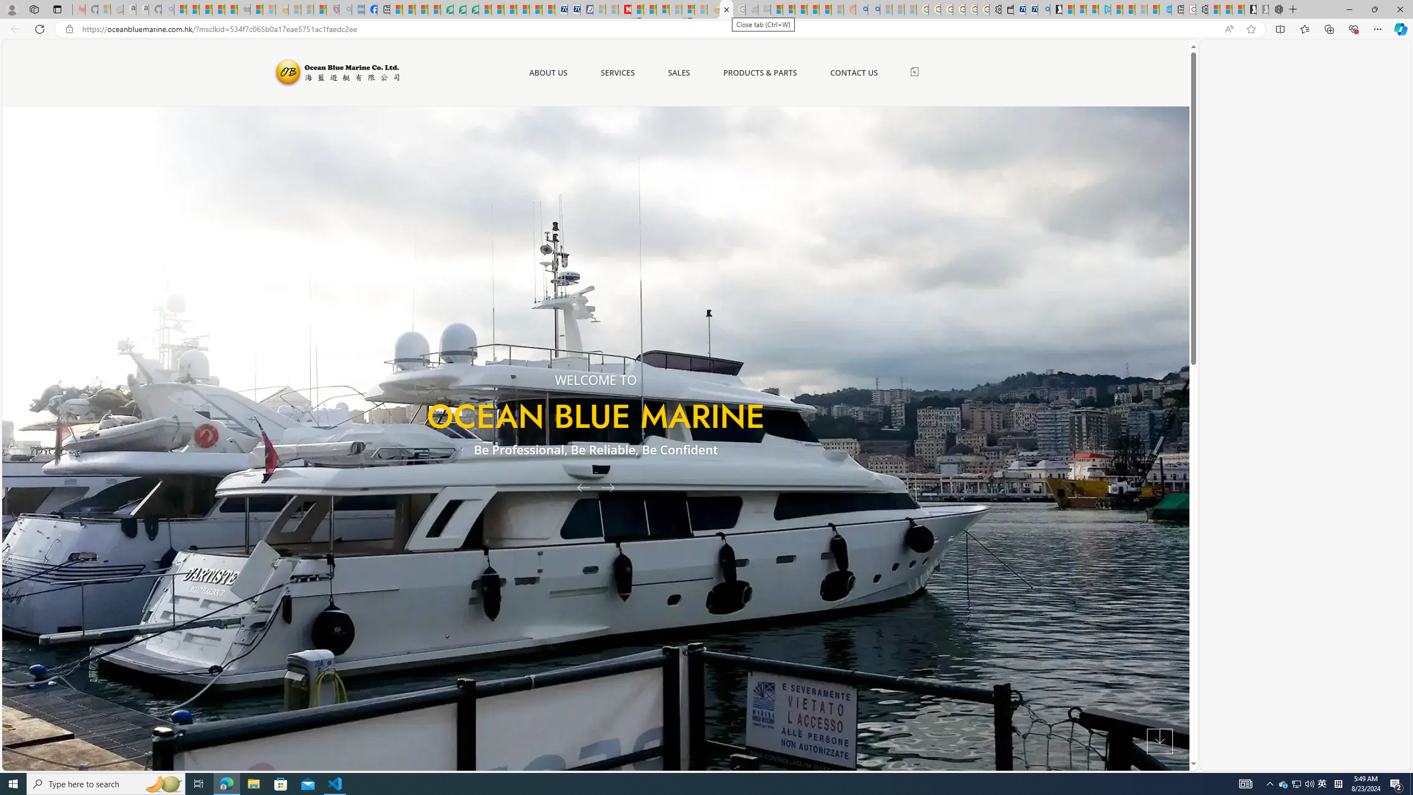 The width and height of the screenshot is (1413, 795). Describe the element at coordinates (335, 72) in the screenshot. I see `'Ocean Blue Marine'` at that location.